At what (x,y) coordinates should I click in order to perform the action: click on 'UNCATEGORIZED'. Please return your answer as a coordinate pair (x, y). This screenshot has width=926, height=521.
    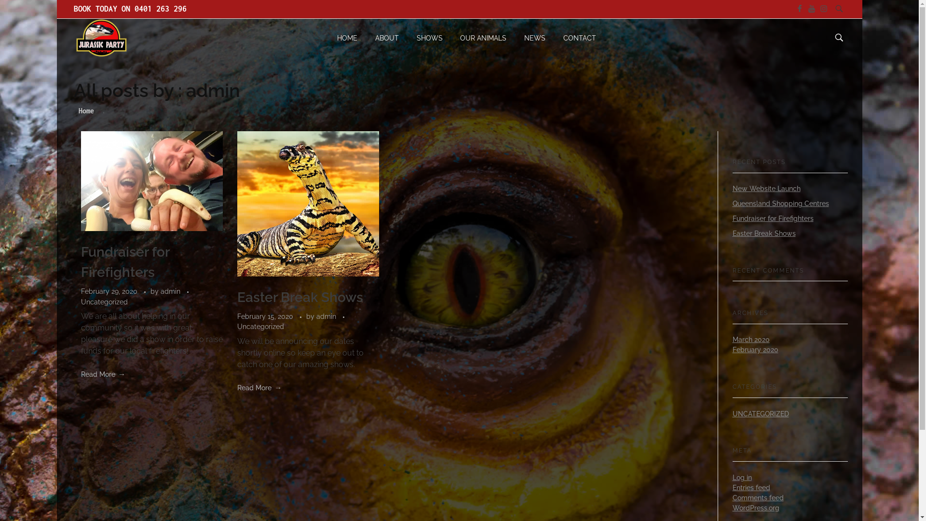
    Looking at the image, I should click on (732, 413).